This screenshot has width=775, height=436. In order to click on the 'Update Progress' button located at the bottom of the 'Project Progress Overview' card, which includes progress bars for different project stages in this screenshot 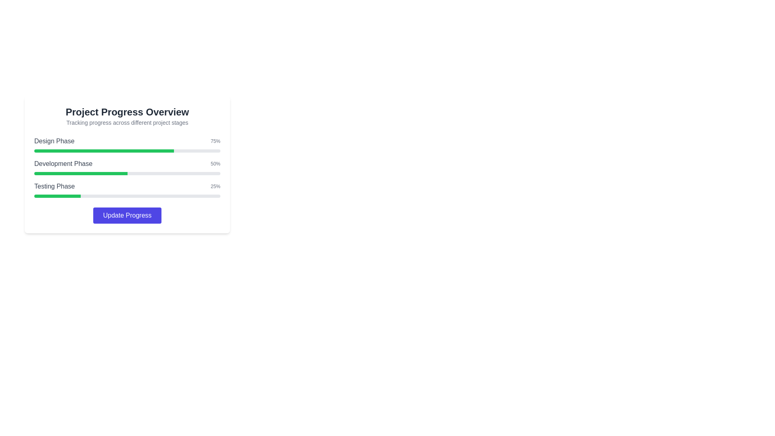, I will do `click(127, 164)`.